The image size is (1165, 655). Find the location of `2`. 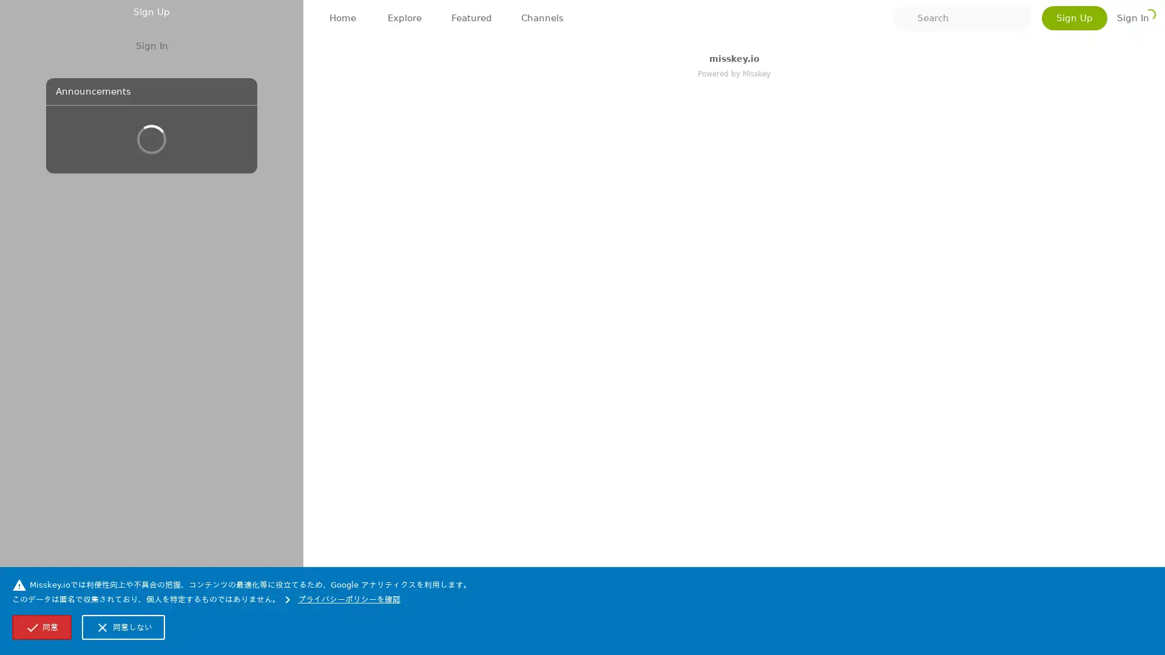

2 is located at coordinates (431, 512).